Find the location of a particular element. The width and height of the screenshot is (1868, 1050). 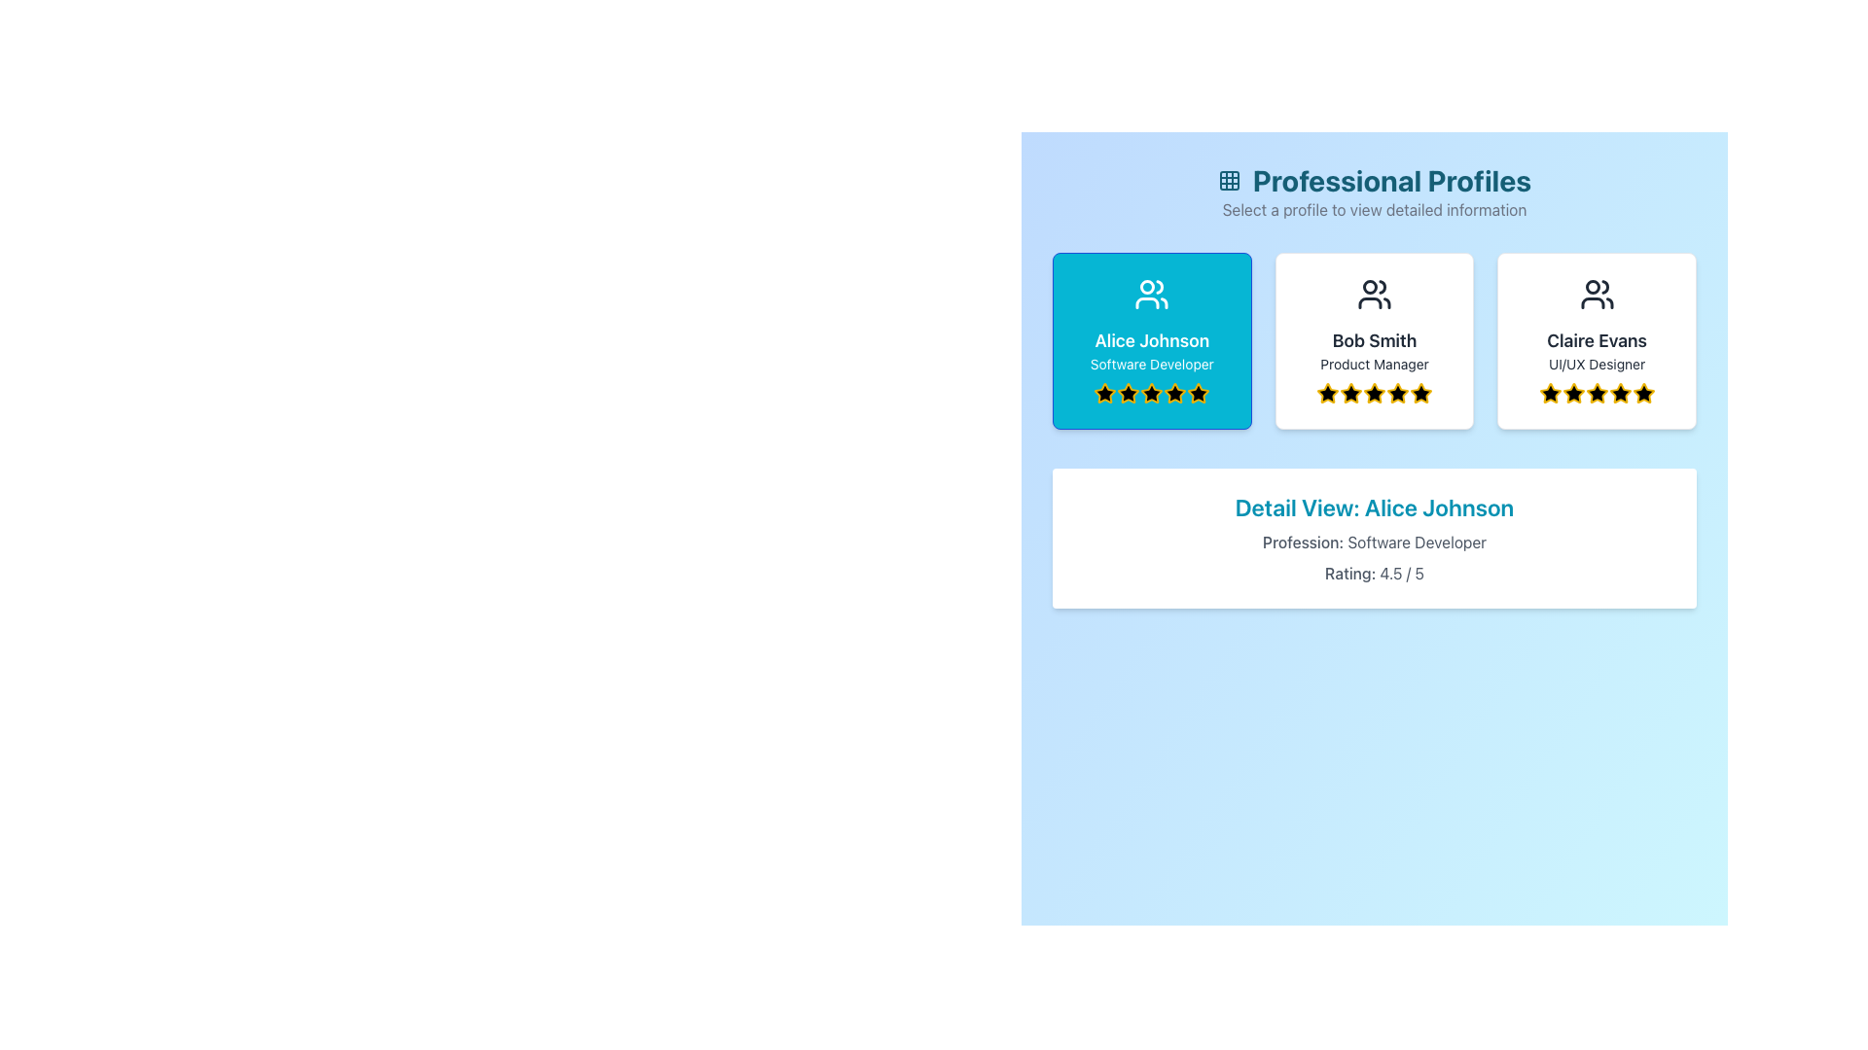

the second star in the rating system located beneath 'Alice Johnson' and 'Software Developer' in the blue card is located at coordinates (1129, 393).